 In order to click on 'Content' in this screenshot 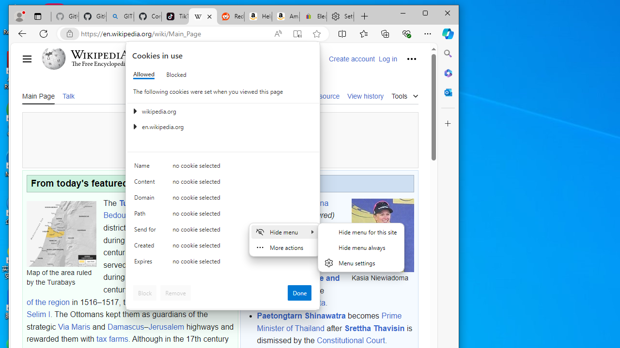, I will do `click(146, 184)`.